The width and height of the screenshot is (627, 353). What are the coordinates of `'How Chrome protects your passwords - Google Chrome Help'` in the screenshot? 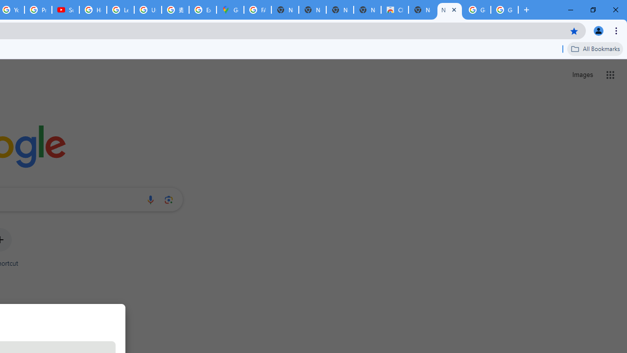 It's located at (93, 10).